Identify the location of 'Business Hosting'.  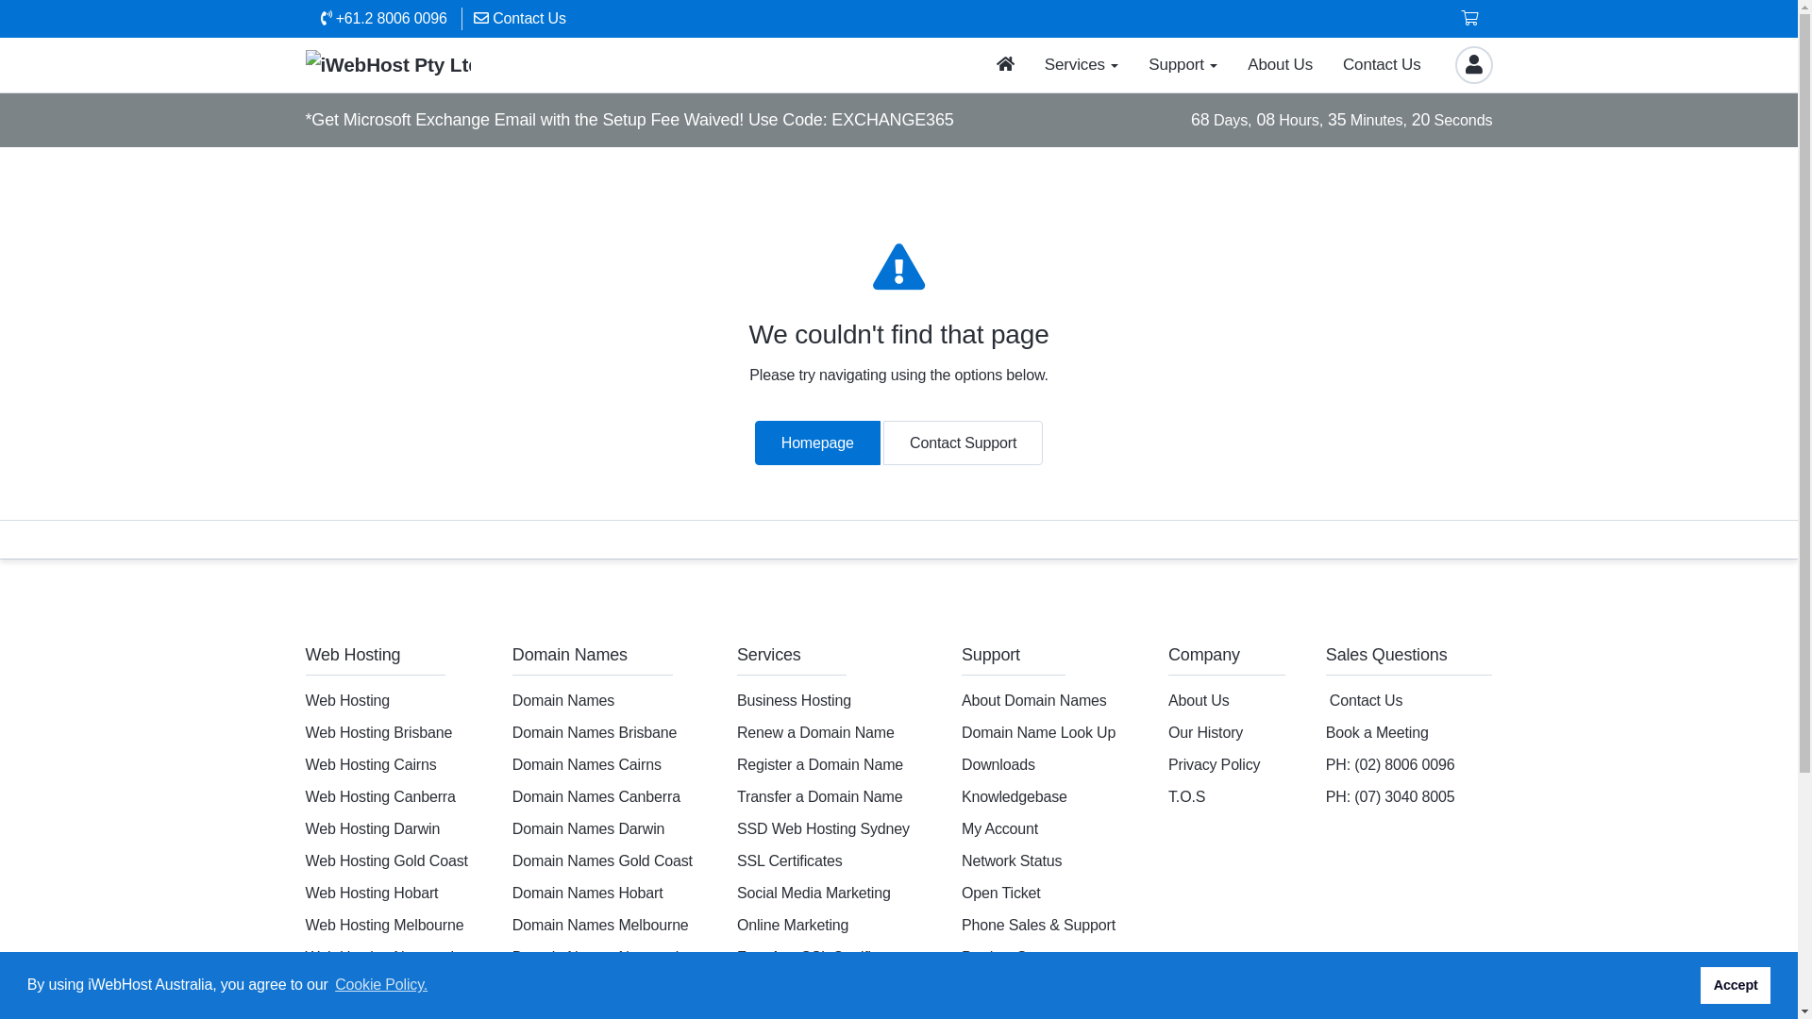
(794, 700).